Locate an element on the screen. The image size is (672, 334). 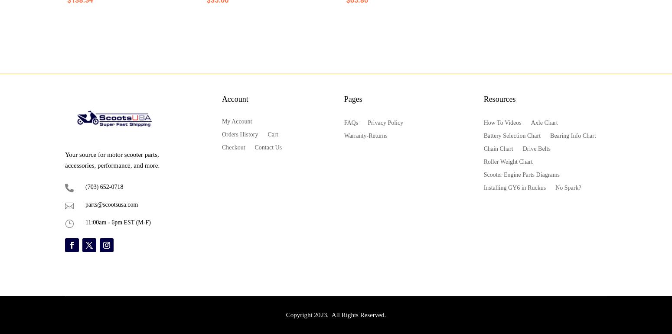
'Roller Weight Chart' is located at coordinates (508, 161).